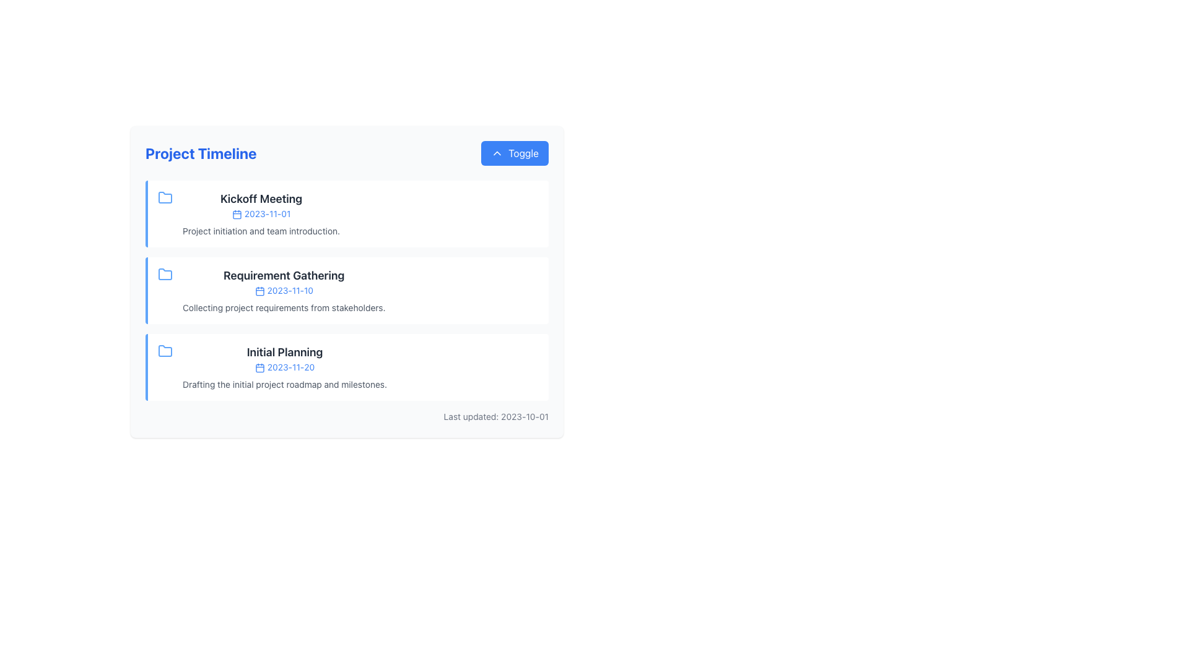 The height and width of the screenshot is (668, 1189). I want to click on the header of the timeline entry labeled 'Initial Planning', so click(284, 367).